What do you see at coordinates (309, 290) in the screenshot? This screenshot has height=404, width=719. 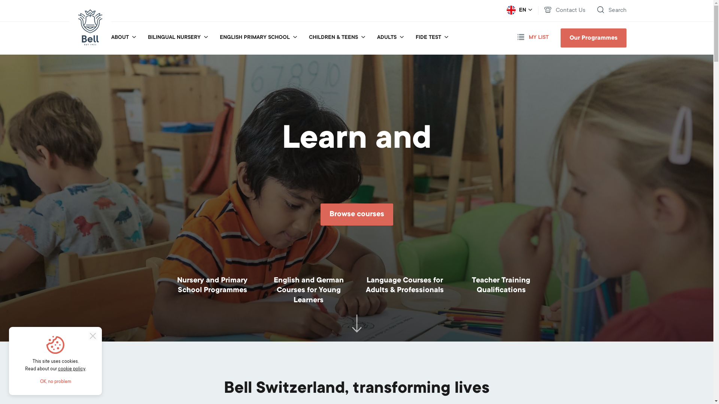 I see `'English and German Courses for Young Learners'` at bounding box center [309, 290].